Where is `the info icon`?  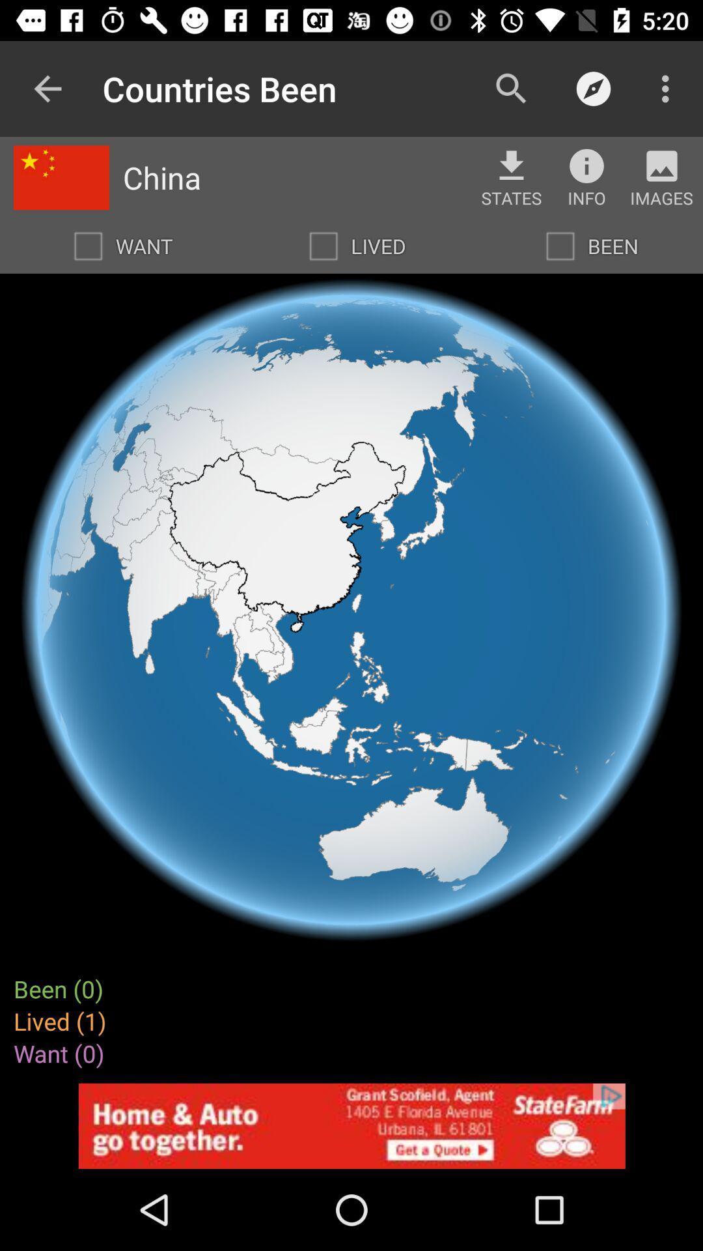 the info icon is located at coordinates (586, 165).